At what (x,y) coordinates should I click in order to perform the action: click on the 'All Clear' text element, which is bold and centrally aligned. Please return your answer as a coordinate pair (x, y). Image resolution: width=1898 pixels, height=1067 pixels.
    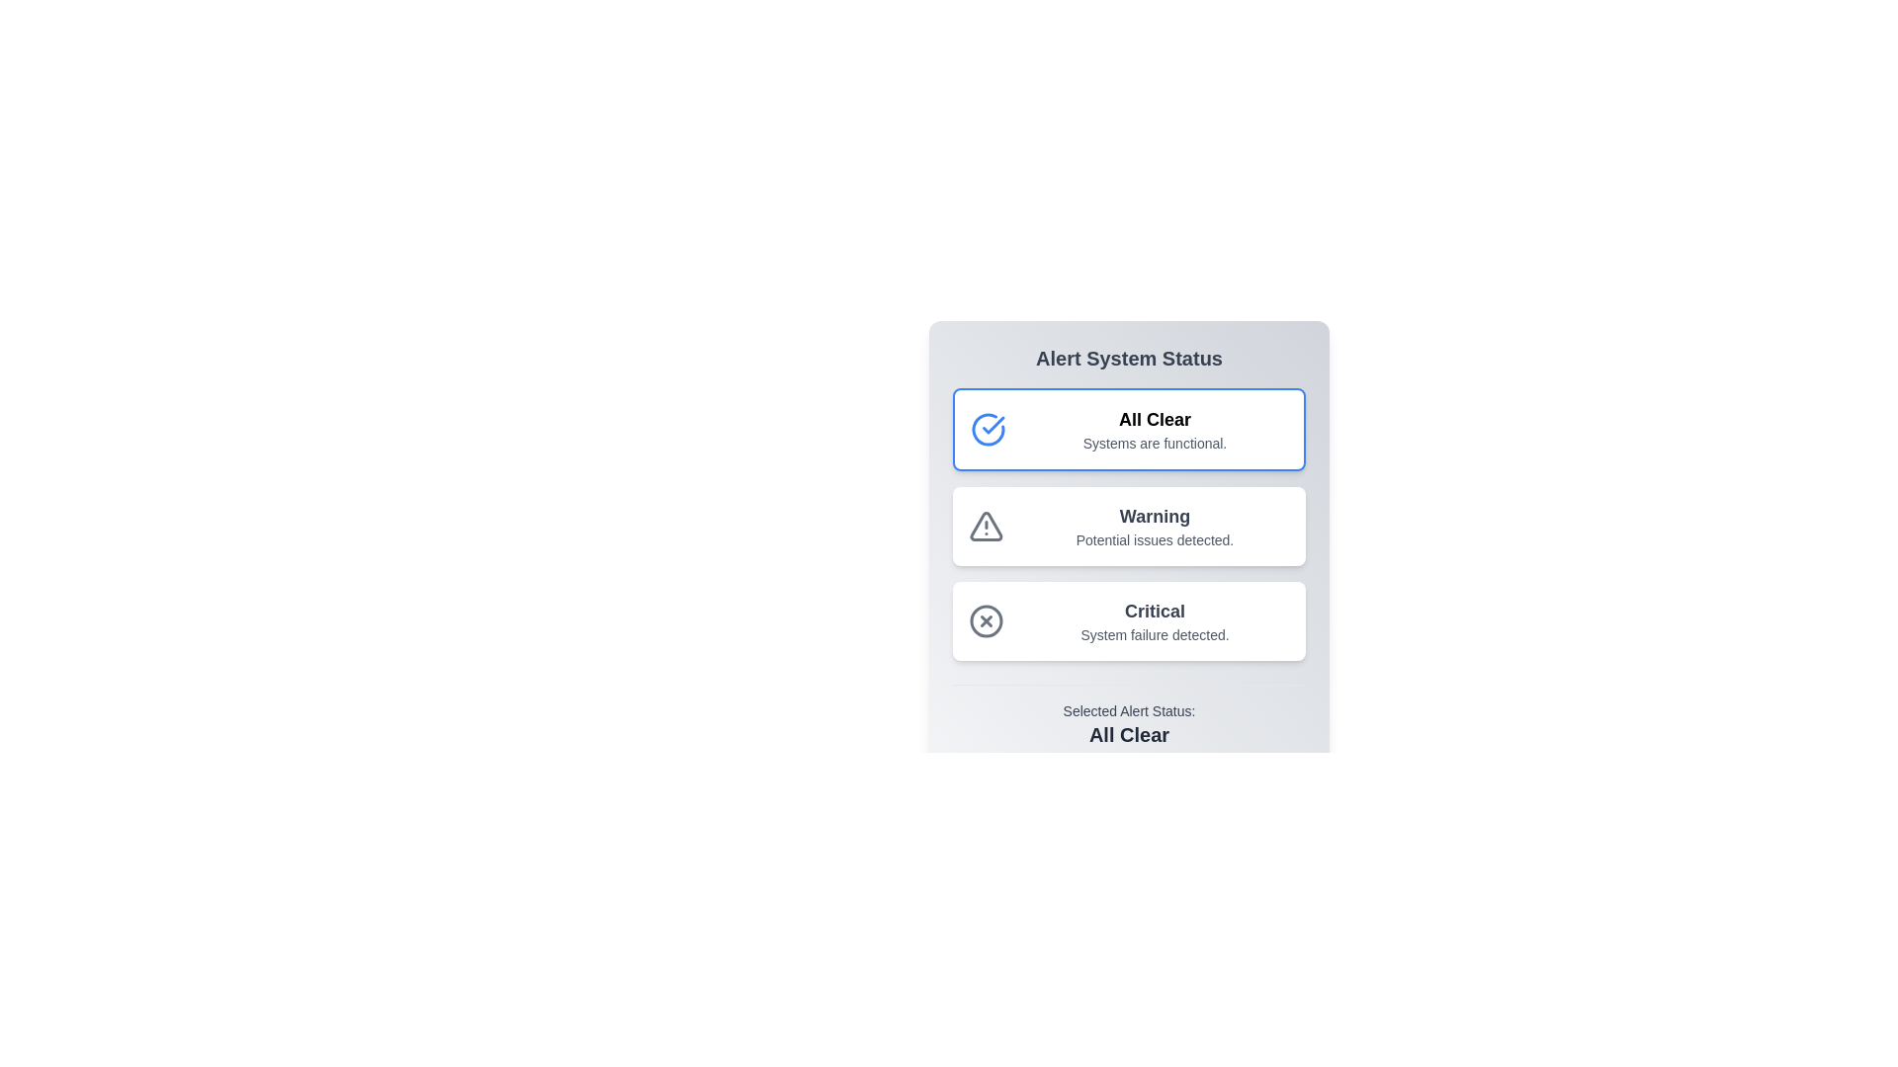
    Looking at the image, I should click on (1155, 418).